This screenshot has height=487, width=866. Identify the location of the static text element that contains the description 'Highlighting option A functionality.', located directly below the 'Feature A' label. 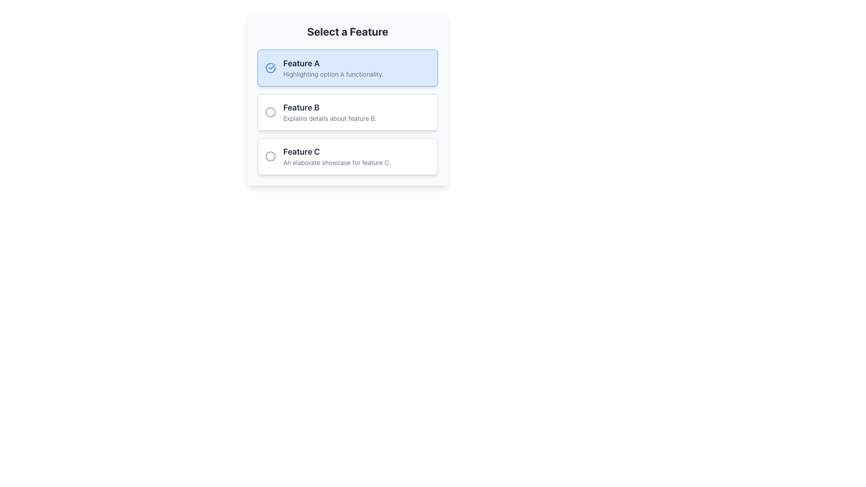
(333, 74).